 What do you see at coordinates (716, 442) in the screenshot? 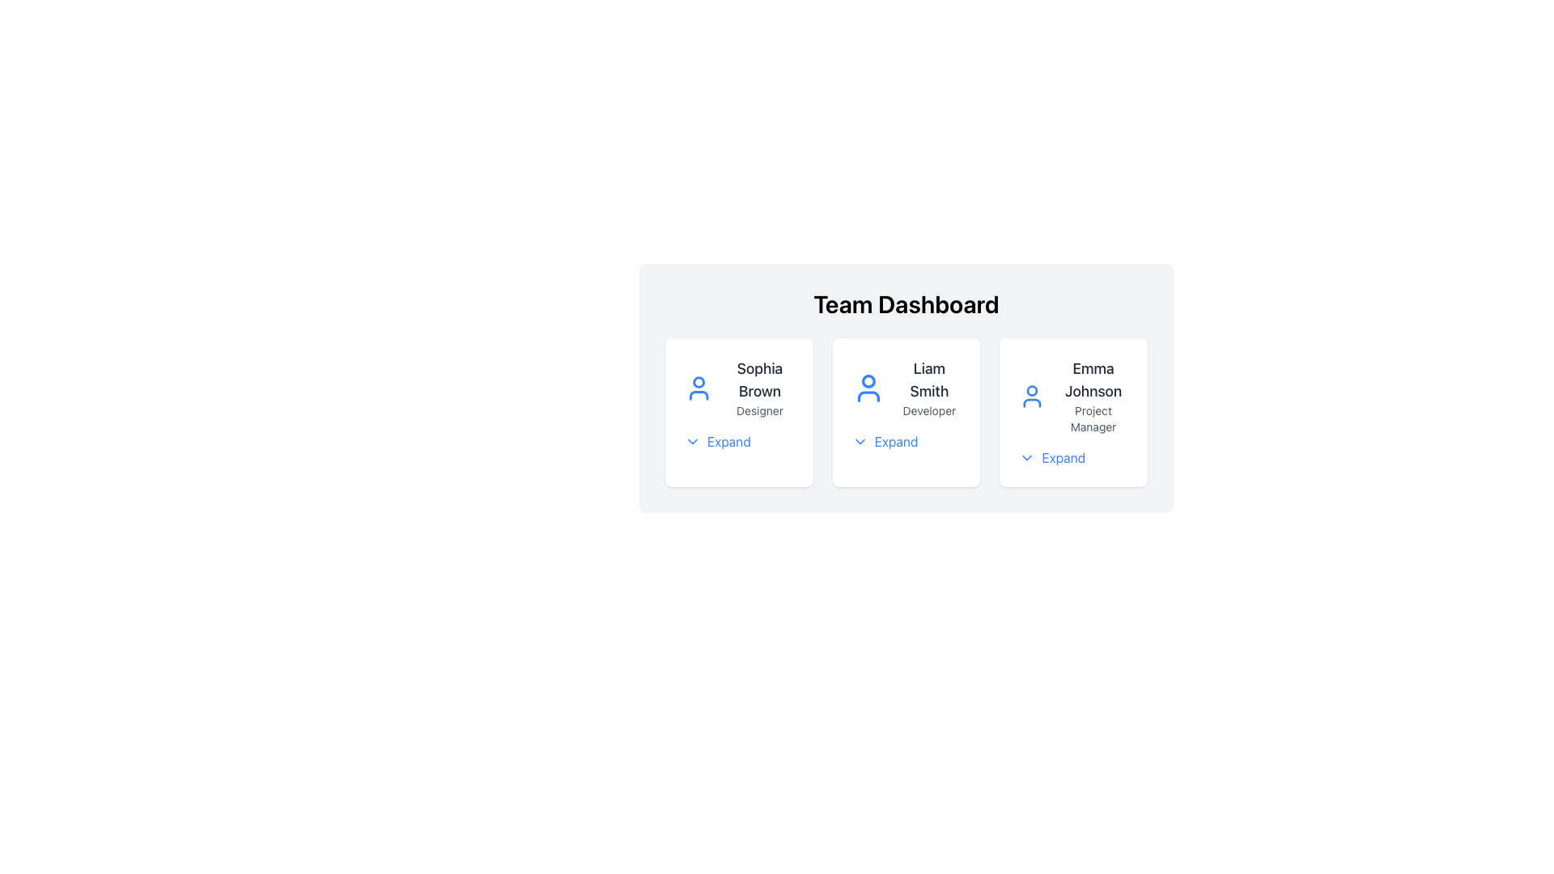
I see `the 'Expand' button with a chevron-down icon located under the user card for 'Sophia Brown' in the Team Dashboard layout` at bounding box center [716, 442].